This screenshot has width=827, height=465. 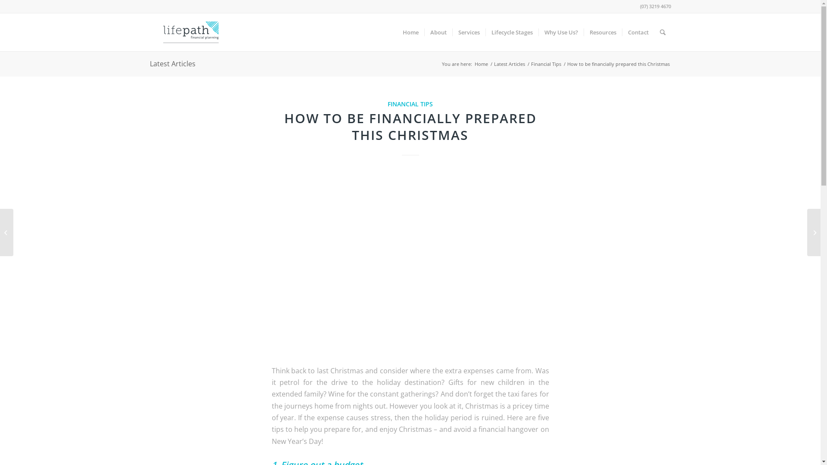 What do you see at coordinates (638, 31) in the screenshot?
I see `'Contact'` at bounding box center [638, 31].